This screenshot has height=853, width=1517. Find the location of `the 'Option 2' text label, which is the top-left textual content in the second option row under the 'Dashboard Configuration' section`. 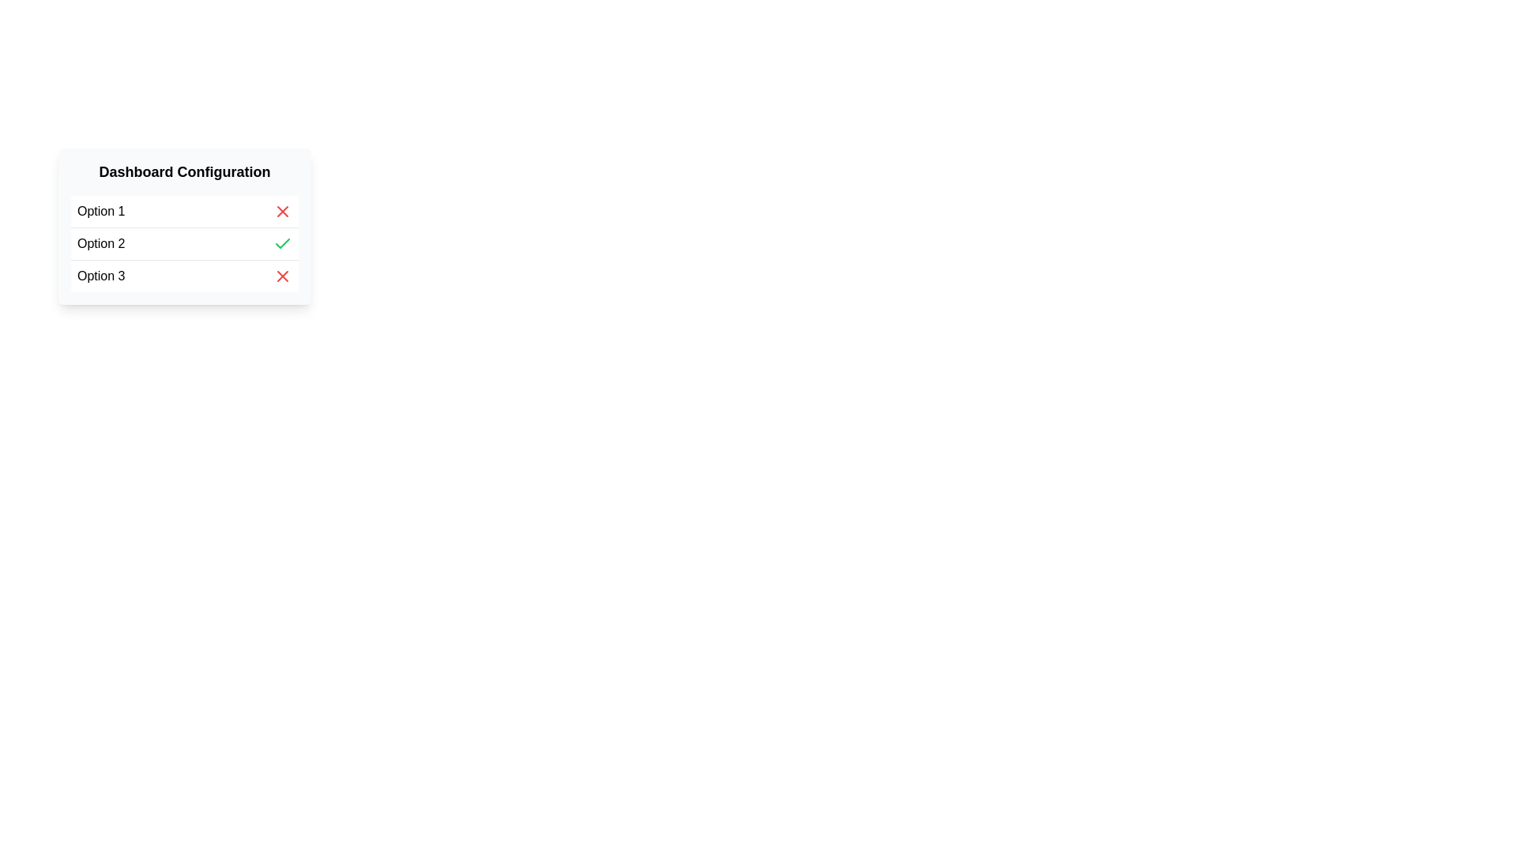

the 'Option 2' text label, which is the top-left textual content in the second option row under the 'Dashboard Configuration' section is located at coordinates (100, 243).